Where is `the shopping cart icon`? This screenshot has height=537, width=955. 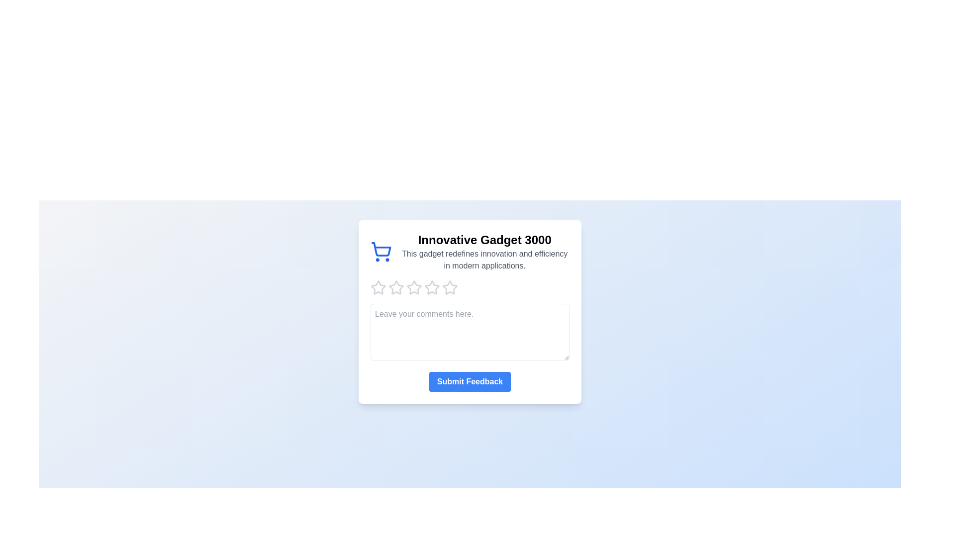 the shopping cart icon is located at coordinates (381, 251).